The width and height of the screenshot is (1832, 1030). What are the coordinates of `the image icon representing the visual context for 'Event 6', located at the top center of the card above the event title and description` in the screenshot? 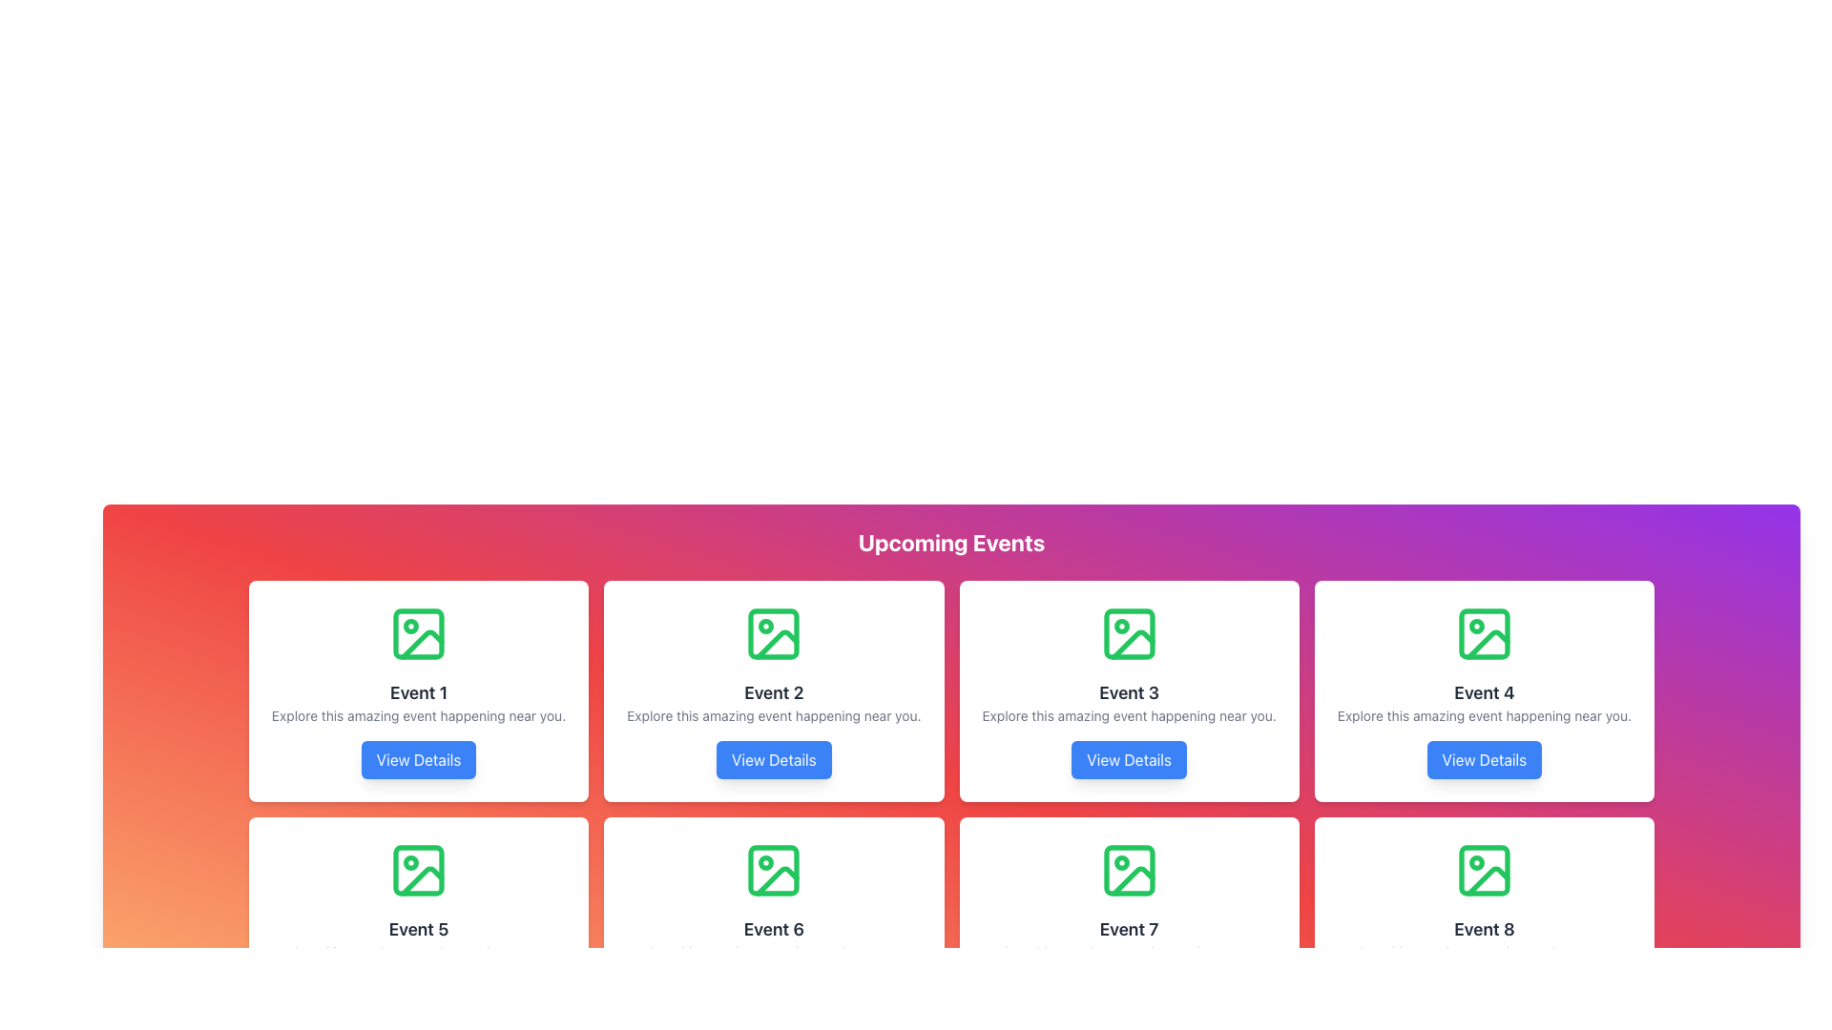 It's located at (774, 871).